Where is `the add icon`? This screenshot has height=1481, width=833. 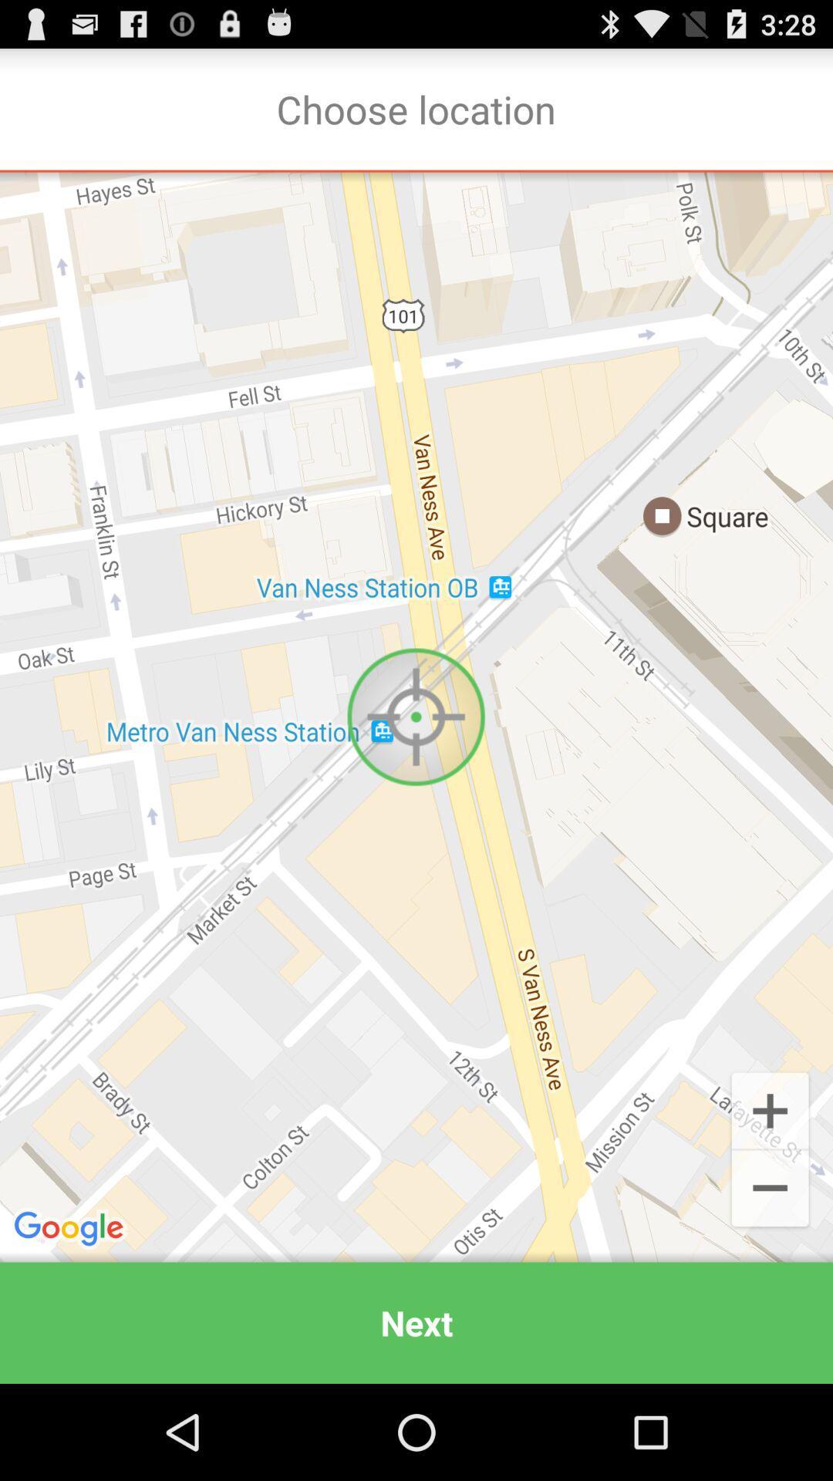
the add icon is located at coordinates (770, 1186).